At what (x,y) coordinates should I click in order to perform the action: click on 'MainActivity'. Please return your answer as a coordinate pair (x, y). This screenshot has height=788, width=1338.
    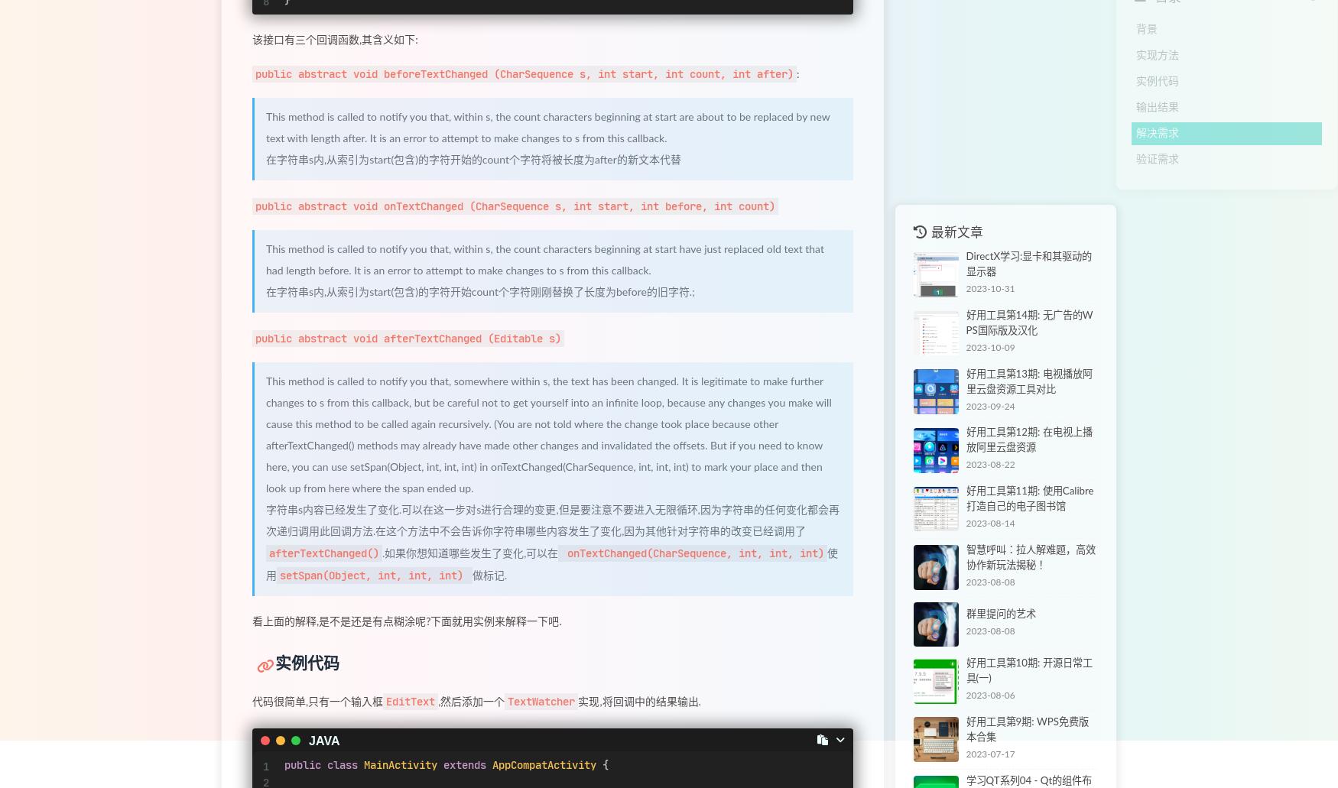
    Looking at the image, I should click on (399, 764).